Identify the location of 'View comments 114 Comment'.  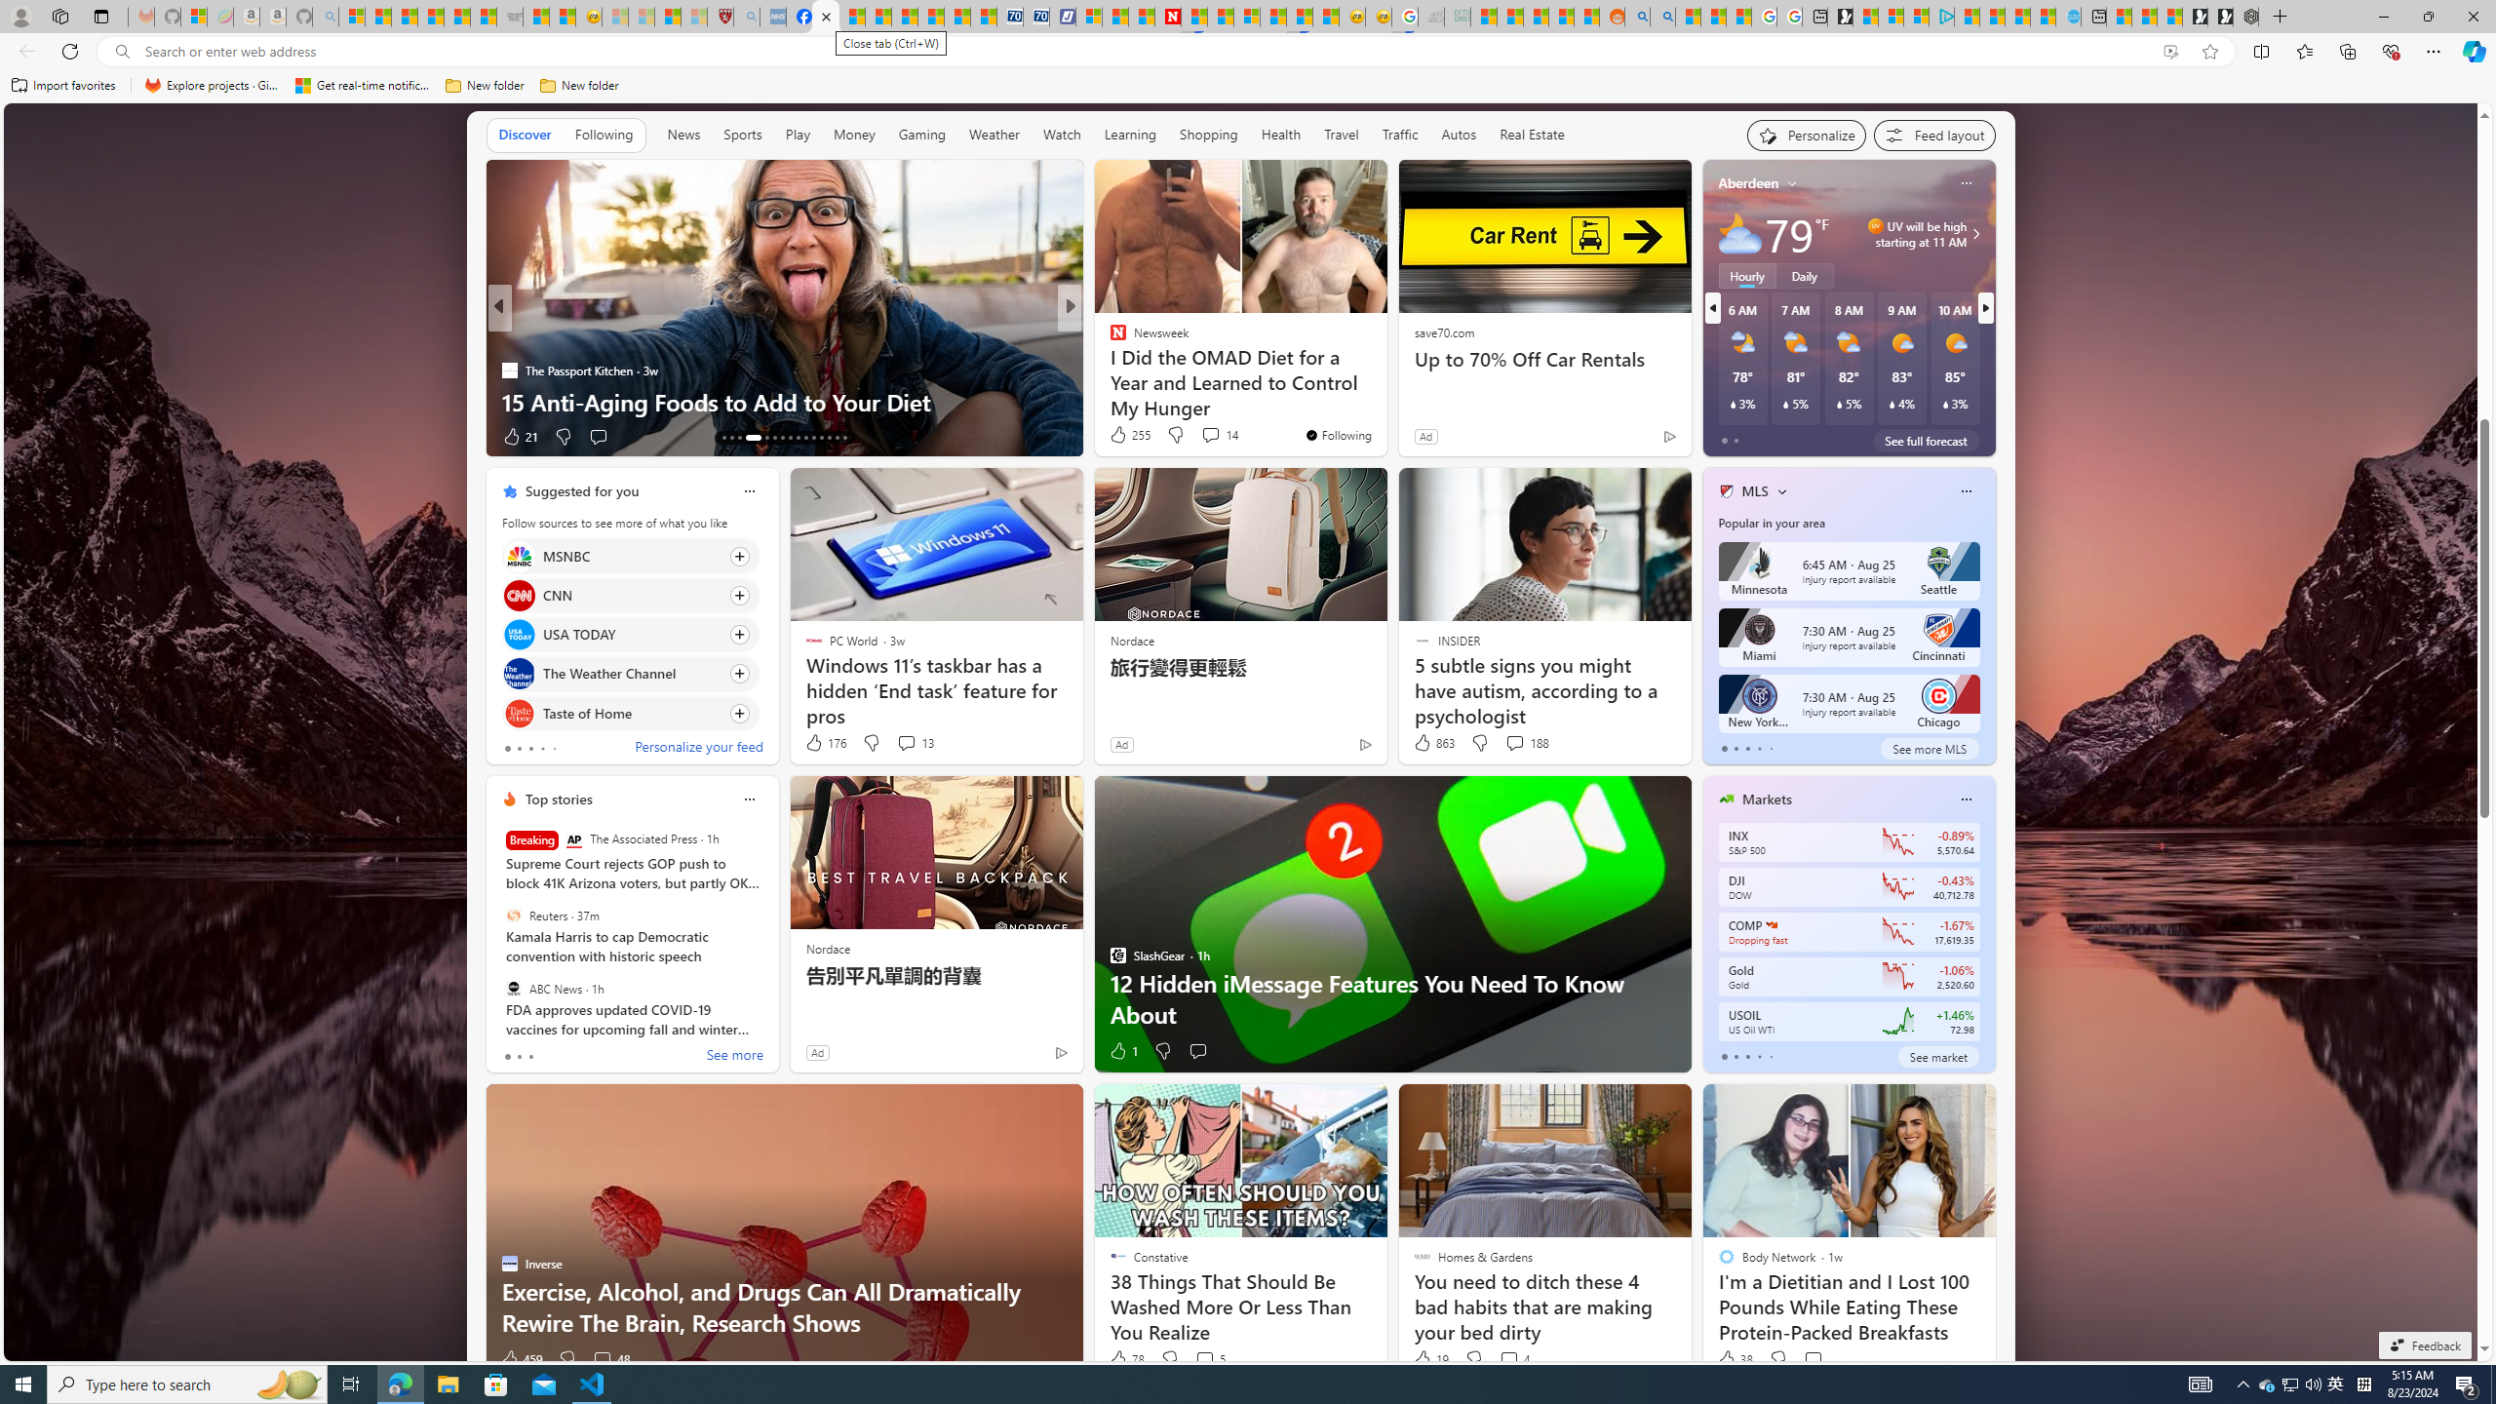
(1216, 436).